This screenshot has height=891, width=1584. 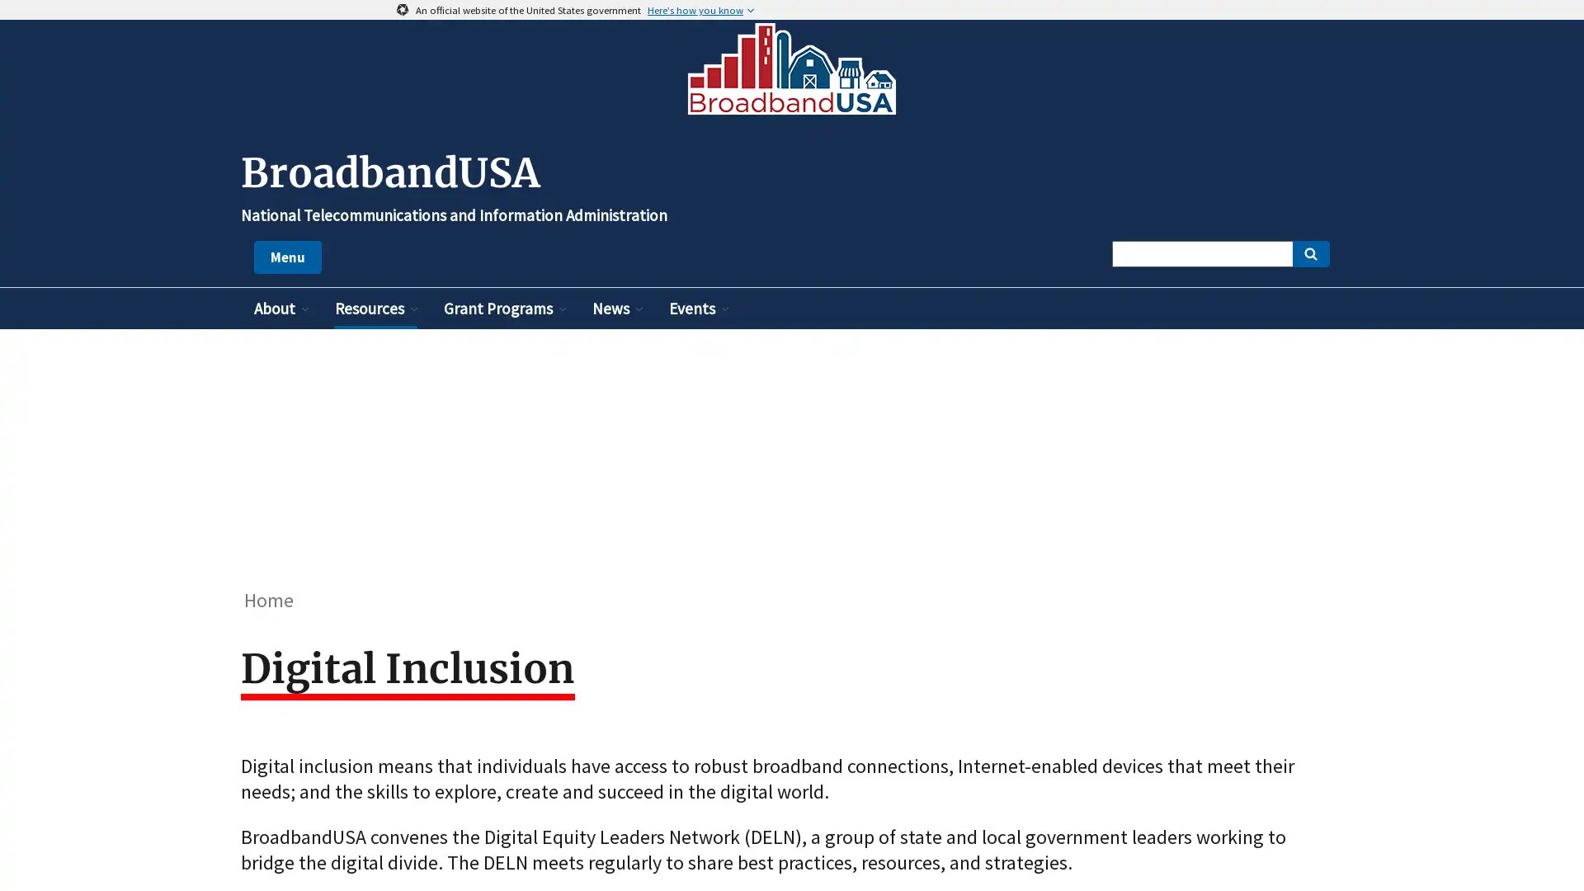 I want to click on Grant Programs, so click(x=503, y=309).